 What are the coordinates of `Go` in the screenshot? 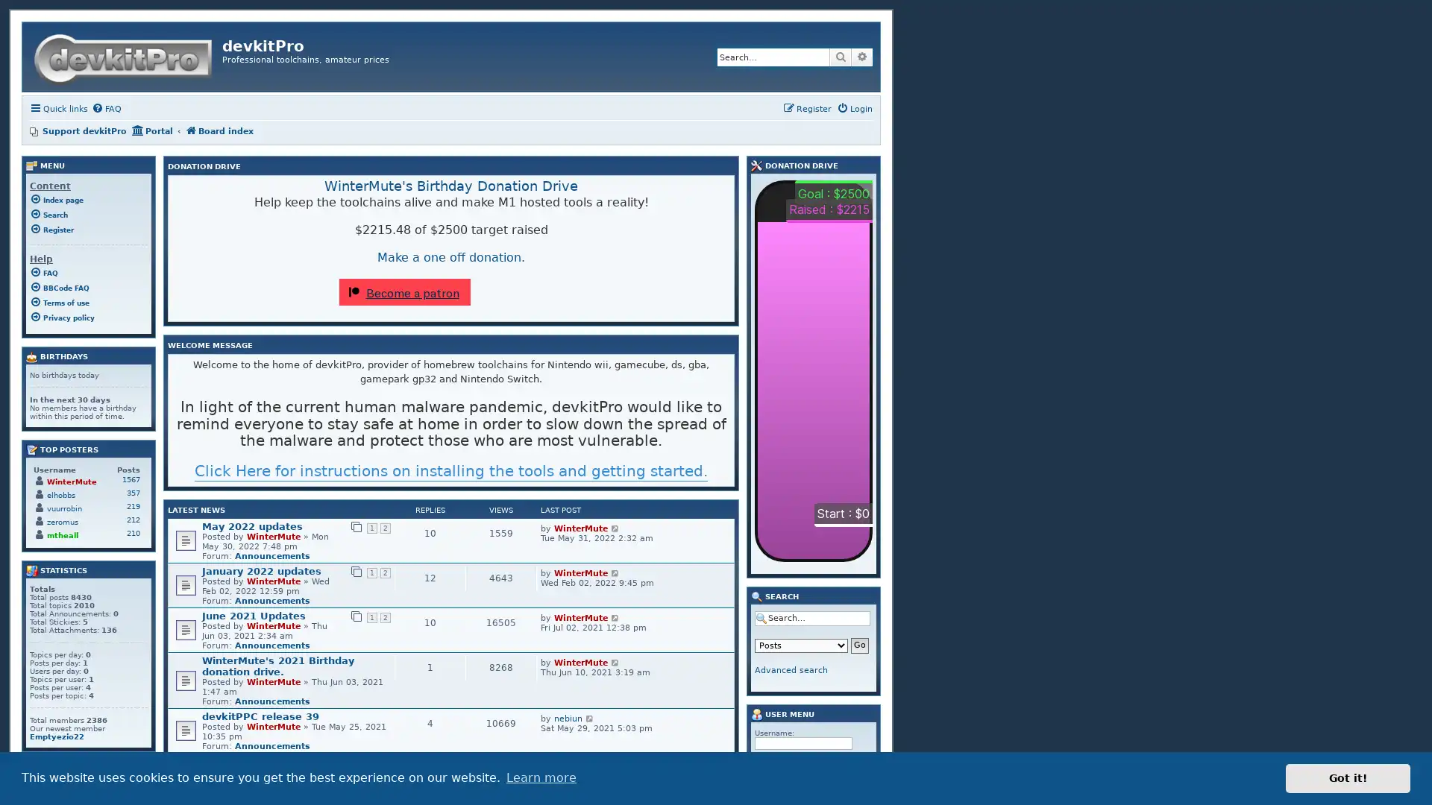 It's located at (859, 645).